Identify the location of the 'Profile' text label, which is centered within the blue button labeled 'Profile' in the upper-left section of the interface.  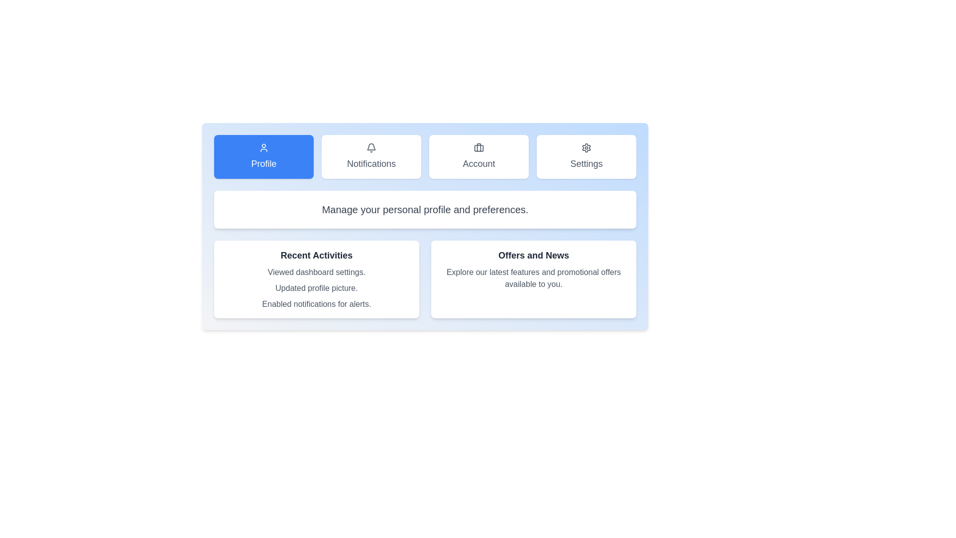
(263, 163).